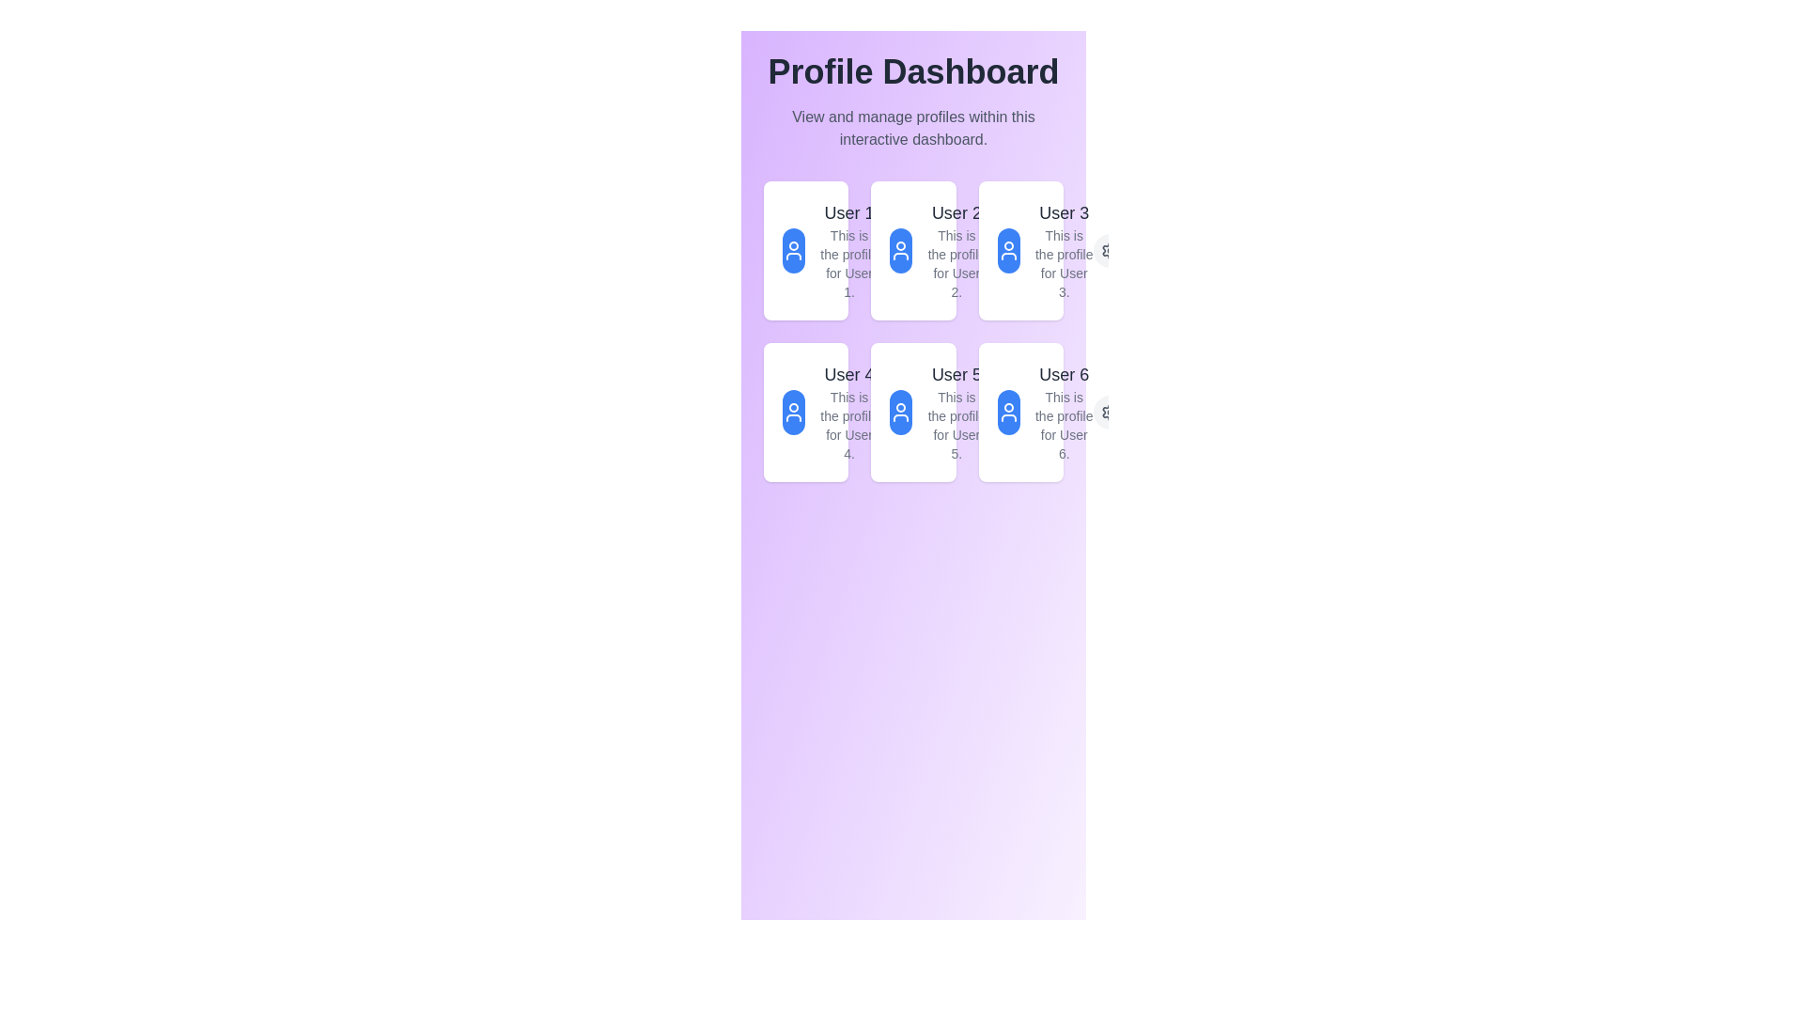  I want to click on the user profile icon representing 'User 2', so click(913, 249).